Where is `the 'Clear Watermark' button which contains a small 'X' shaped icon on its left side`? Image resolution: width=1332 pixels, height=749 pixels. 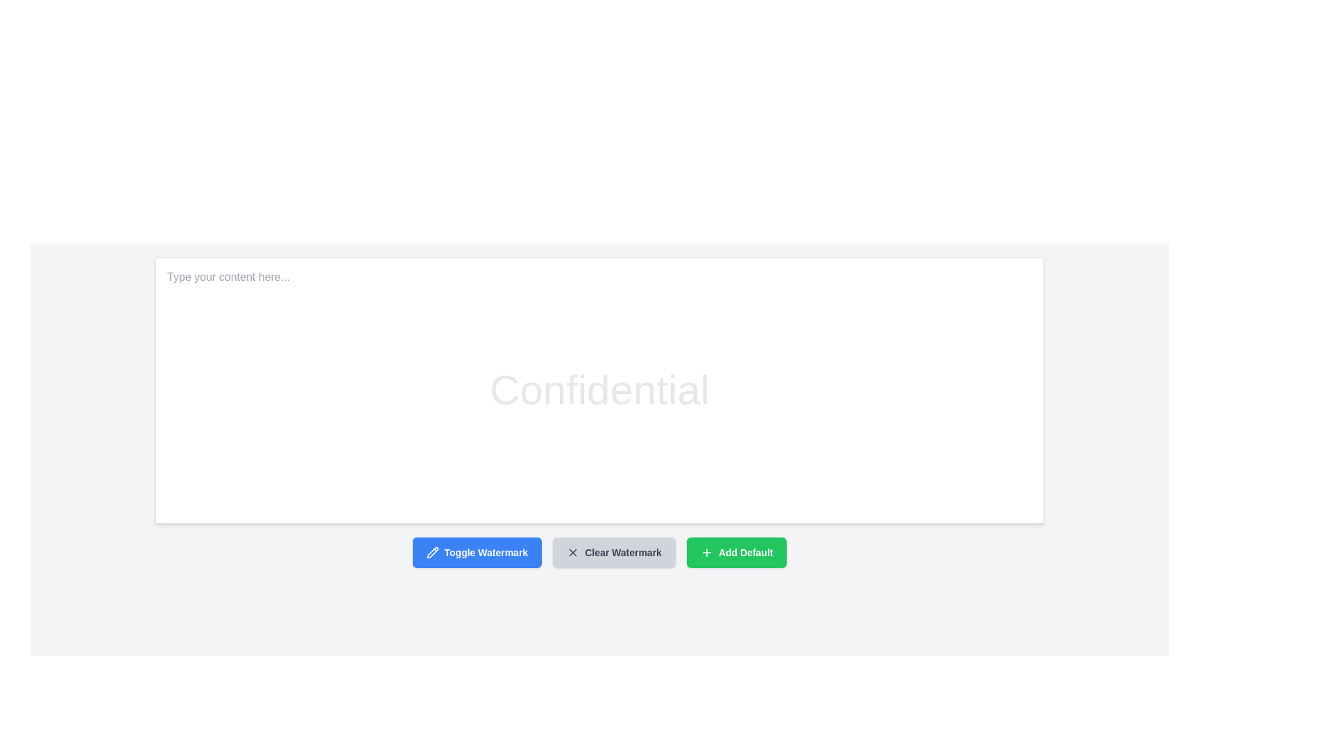 the 'Clear Watermark' button which contains a small 'X' shaped icon on its left side is located at coordinates (573, 552).